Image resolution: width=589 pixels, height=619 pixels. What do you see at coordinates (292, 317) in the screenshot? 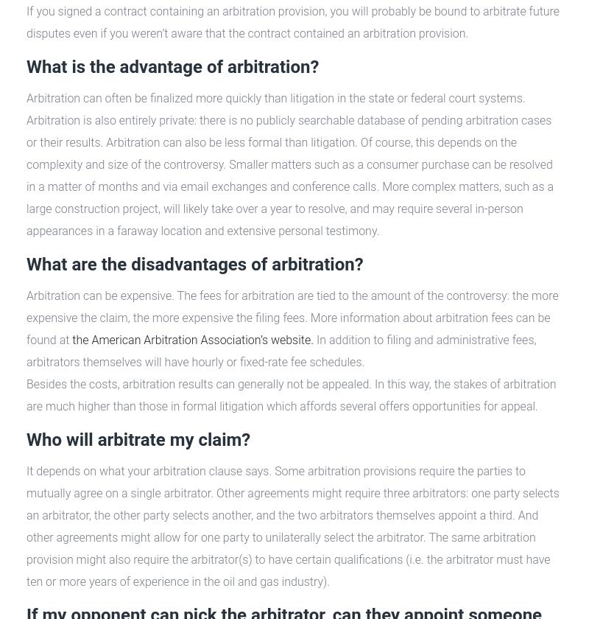
I see `'Arbitration can be expensive. The fees for arbitration are tied to the amount of the controversy: the more expensive the claim, the more expensive the filing fees. More information about arbitration fees can be found at'` at bounding box center [292, 317].